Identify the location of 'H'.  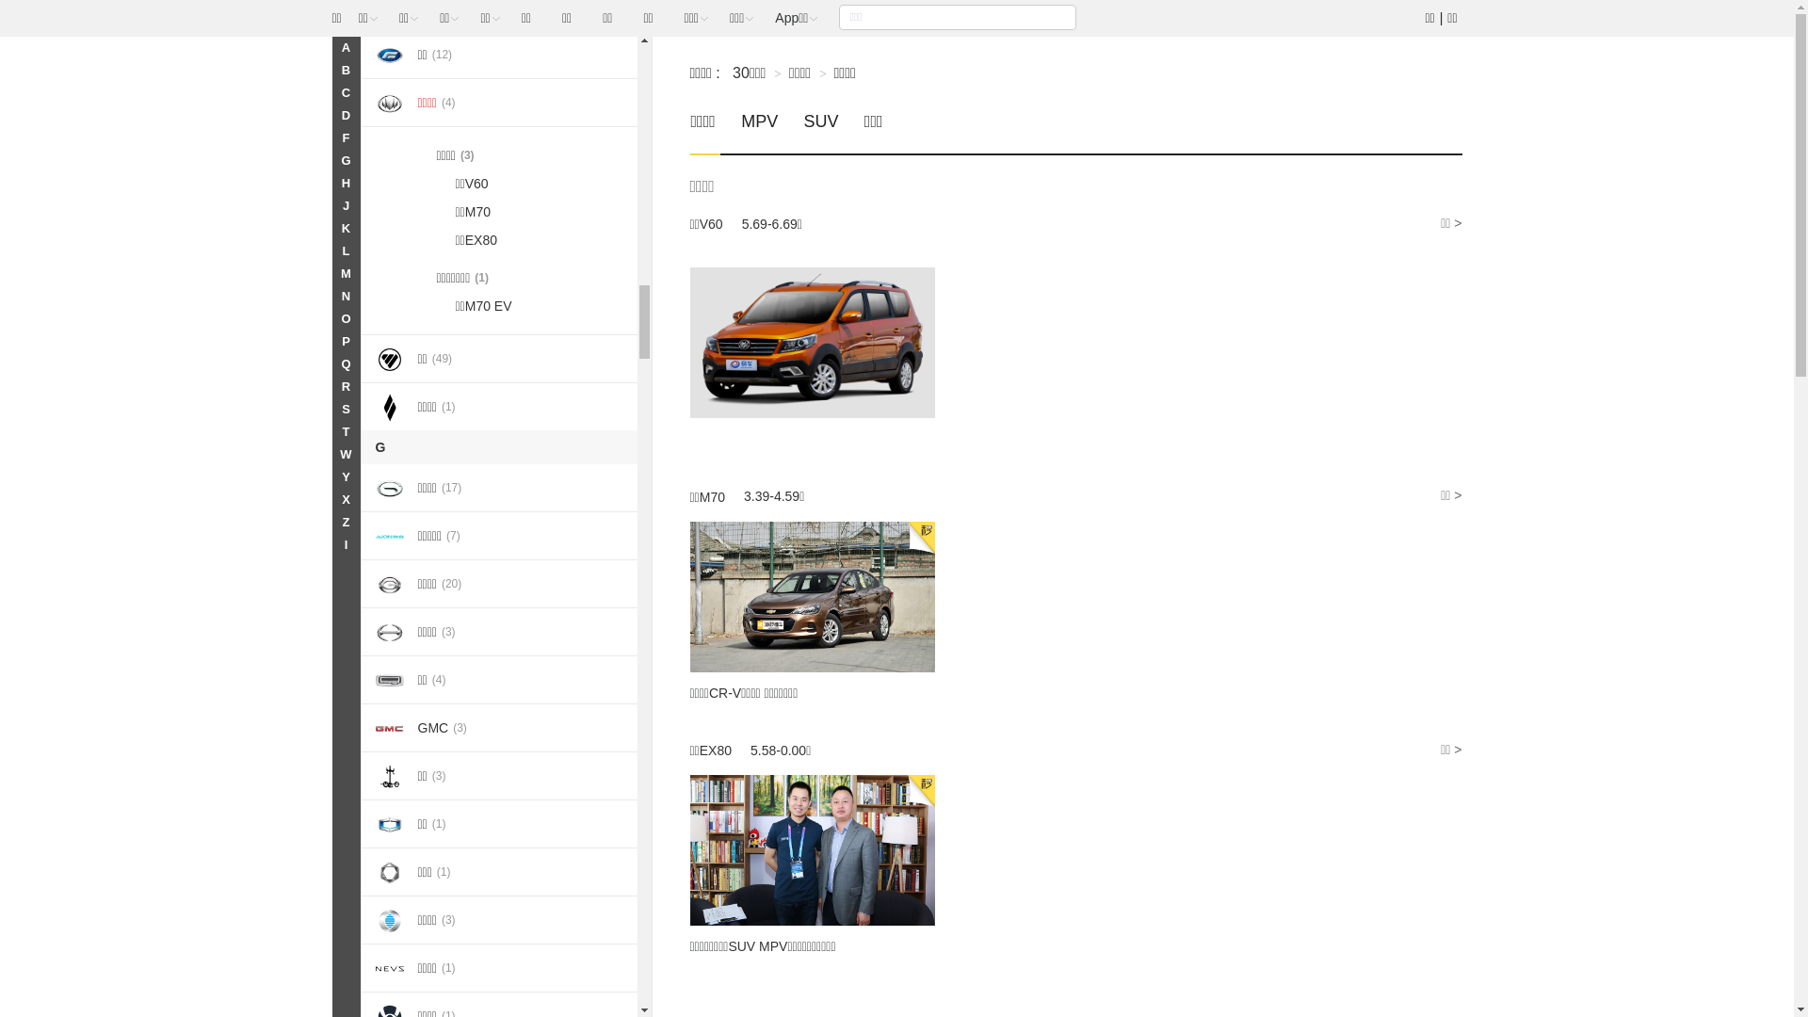
(331, 184).